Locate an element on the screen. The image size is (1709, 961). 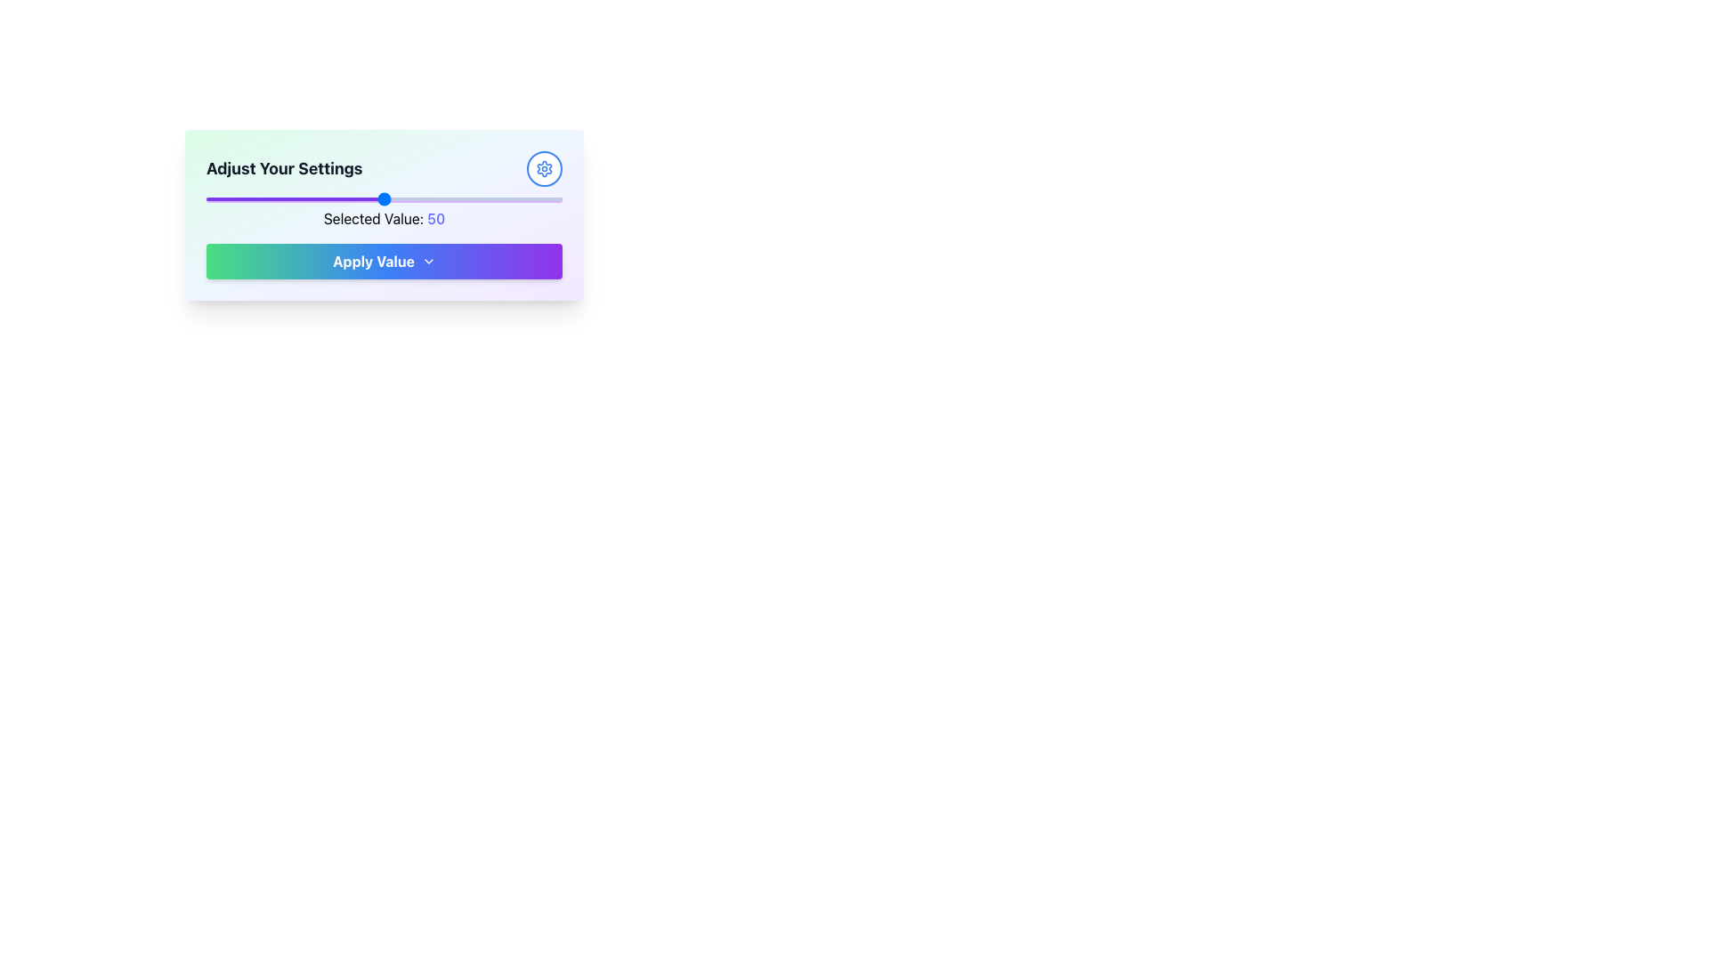
the slider is located at coordinates (444, 198).